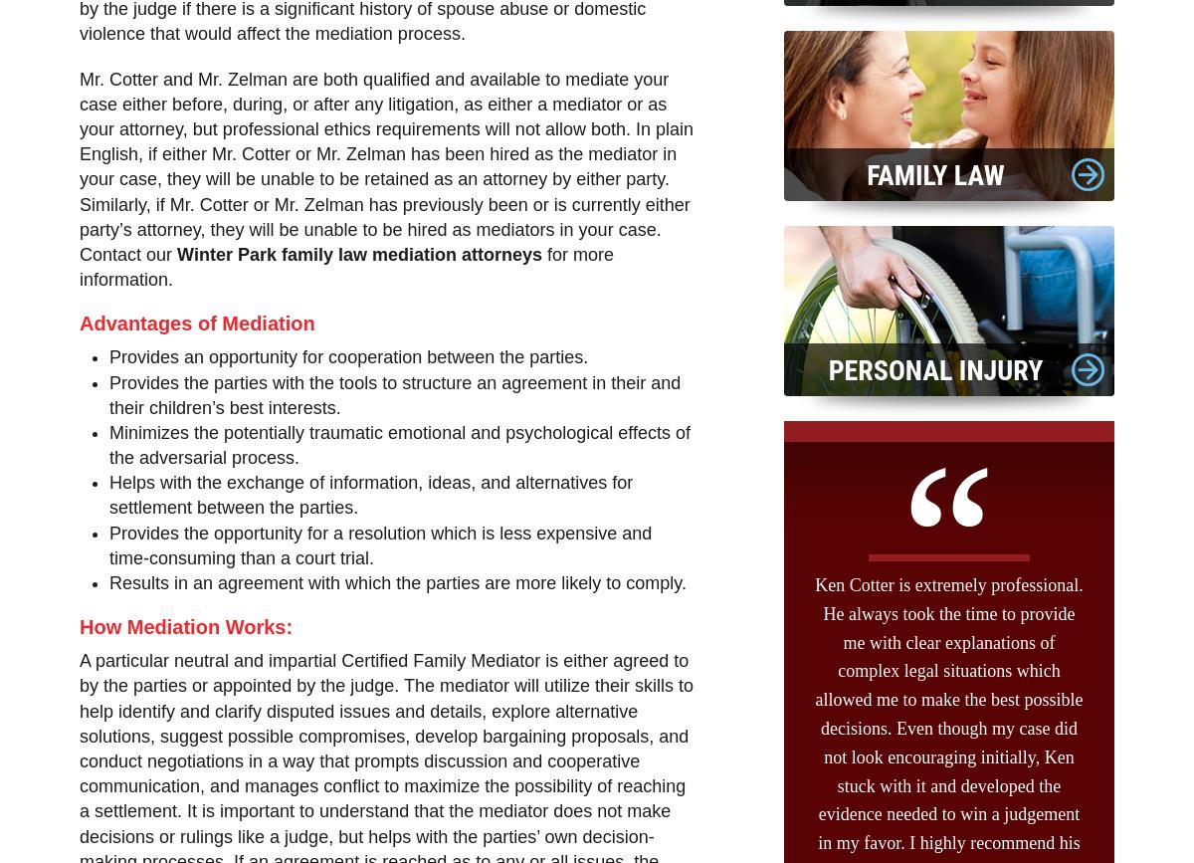 This screenshot has width=1194, height=863. What do you see at coordinates (399, 444) in the screenshot?
I see `'Minimizes the potentially traumatic emotional and psychological effects of the adversarial process.'` at bounding box center [399, 444].